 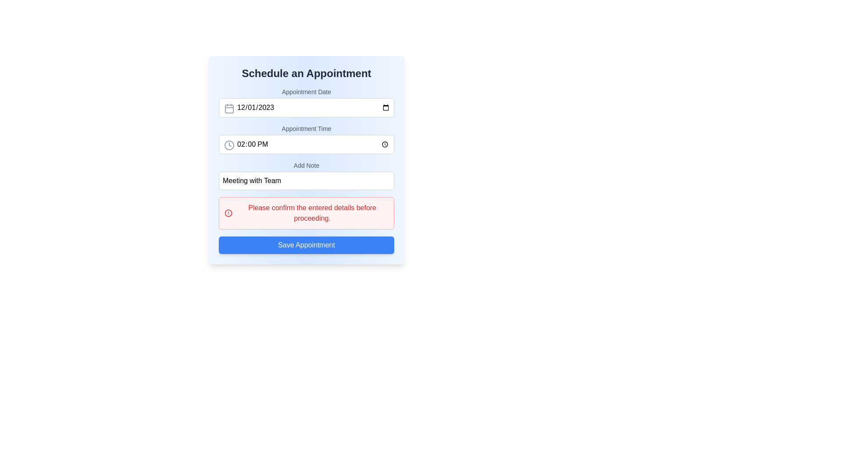 What do you see at coordinates (307, 245) in the screenshot?
I see `the rectangular button with rounded edges that has a blue background and white text reading 'Save Appointment'` at bounding box center [307, 245].